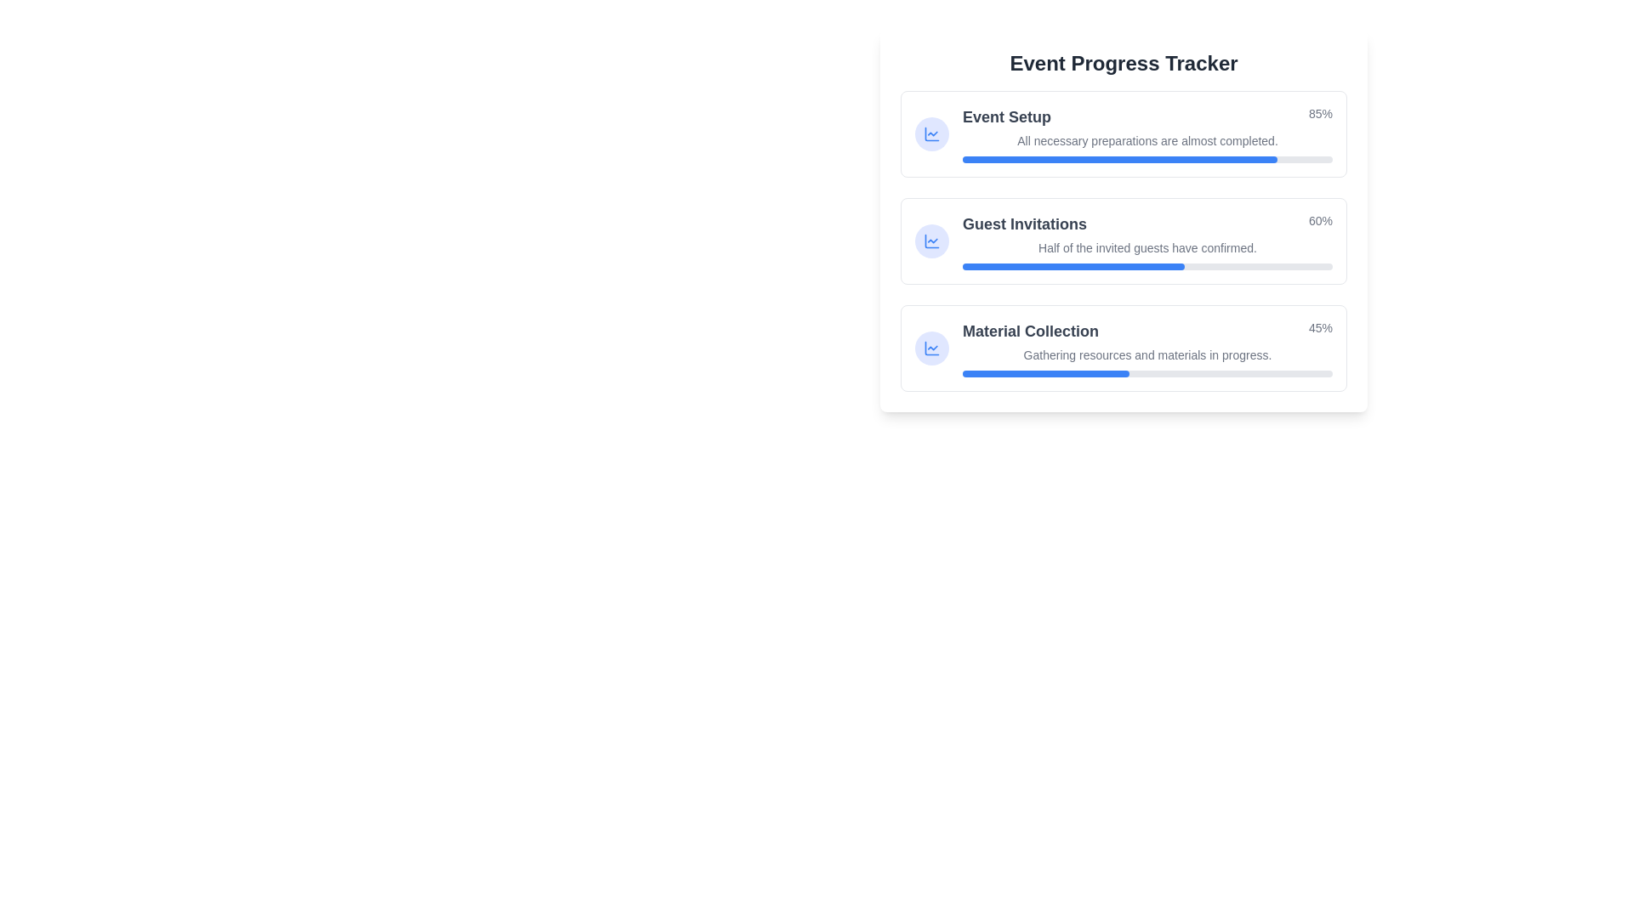 The height and width of the screenshot is (918, 1633). Describe the element at coordinates (1147, 354) in the screenshot. I see `the text label displaying 'Gathering resources and materials in progress.' which is styled as a secondary informational text and is positioned below 'Material Collection' and '45%'` at that location.